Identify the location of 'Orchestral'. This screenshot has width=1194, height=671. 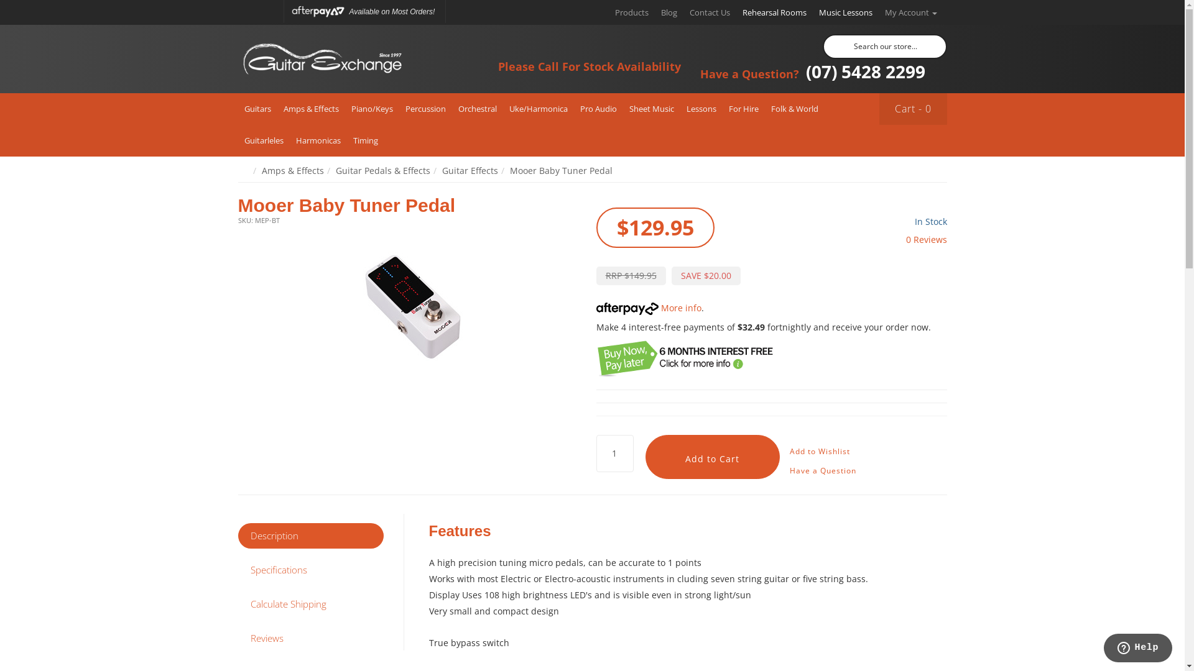
(450, 108).